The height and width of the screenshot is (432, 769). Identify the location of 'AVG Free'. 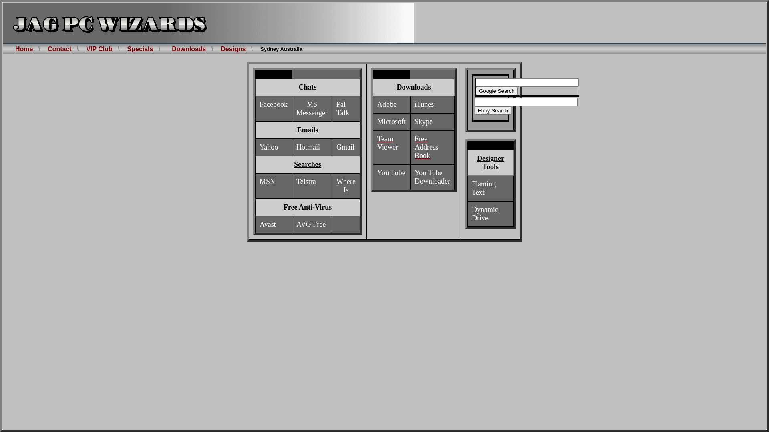
(296, 224).